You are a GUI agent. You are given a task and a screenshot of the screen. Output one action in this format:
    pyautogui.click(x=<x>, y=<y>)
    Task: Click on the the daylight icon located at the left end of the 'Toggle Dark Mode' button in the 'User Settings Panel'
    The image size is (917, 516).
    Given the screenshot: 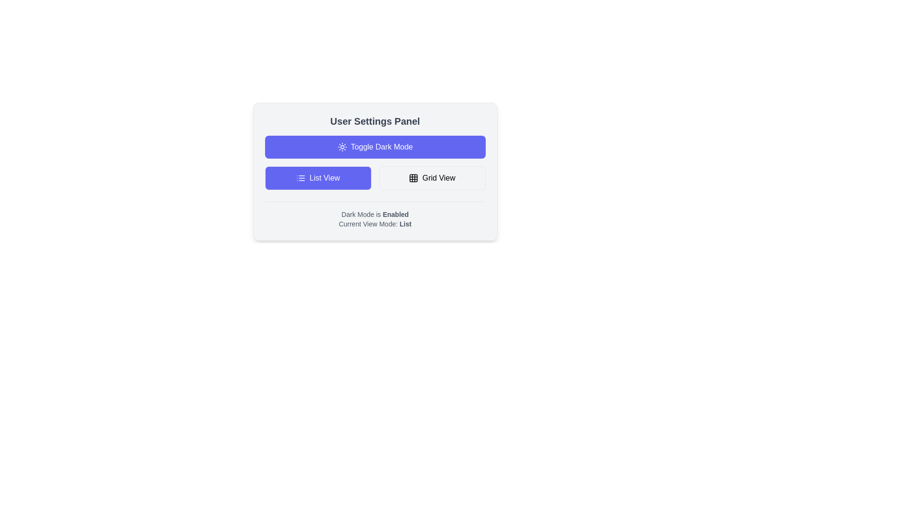 What is the action you would take?
    pyautogui.click(x=342, y=147)
    